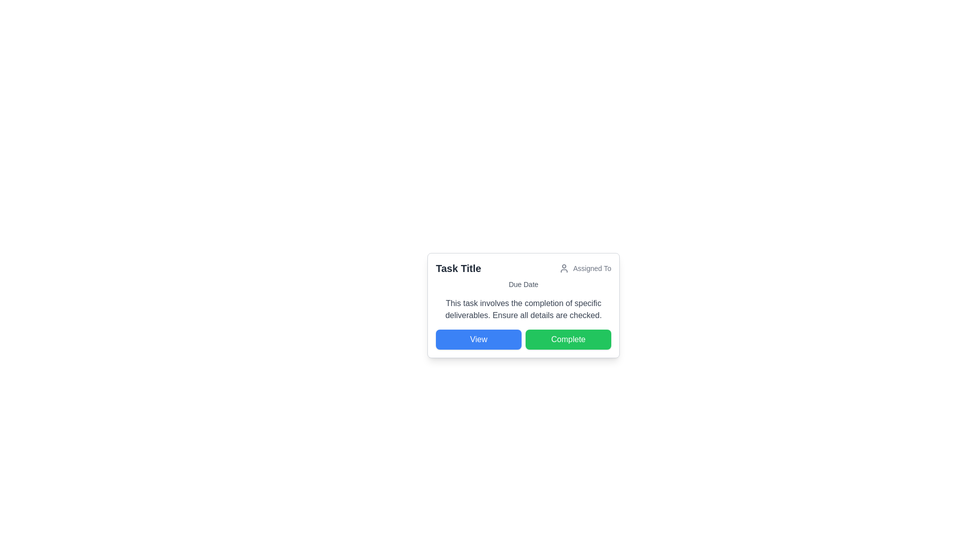 This screenshot has height=541, width=962. Describe the element at coordinates (458, 268) in the screenshot. I see `the 'Task Title' text element, which is styled with a bold, large font and dark gray color, located to the left of the 'Assigned To' text and icon group` at that location.